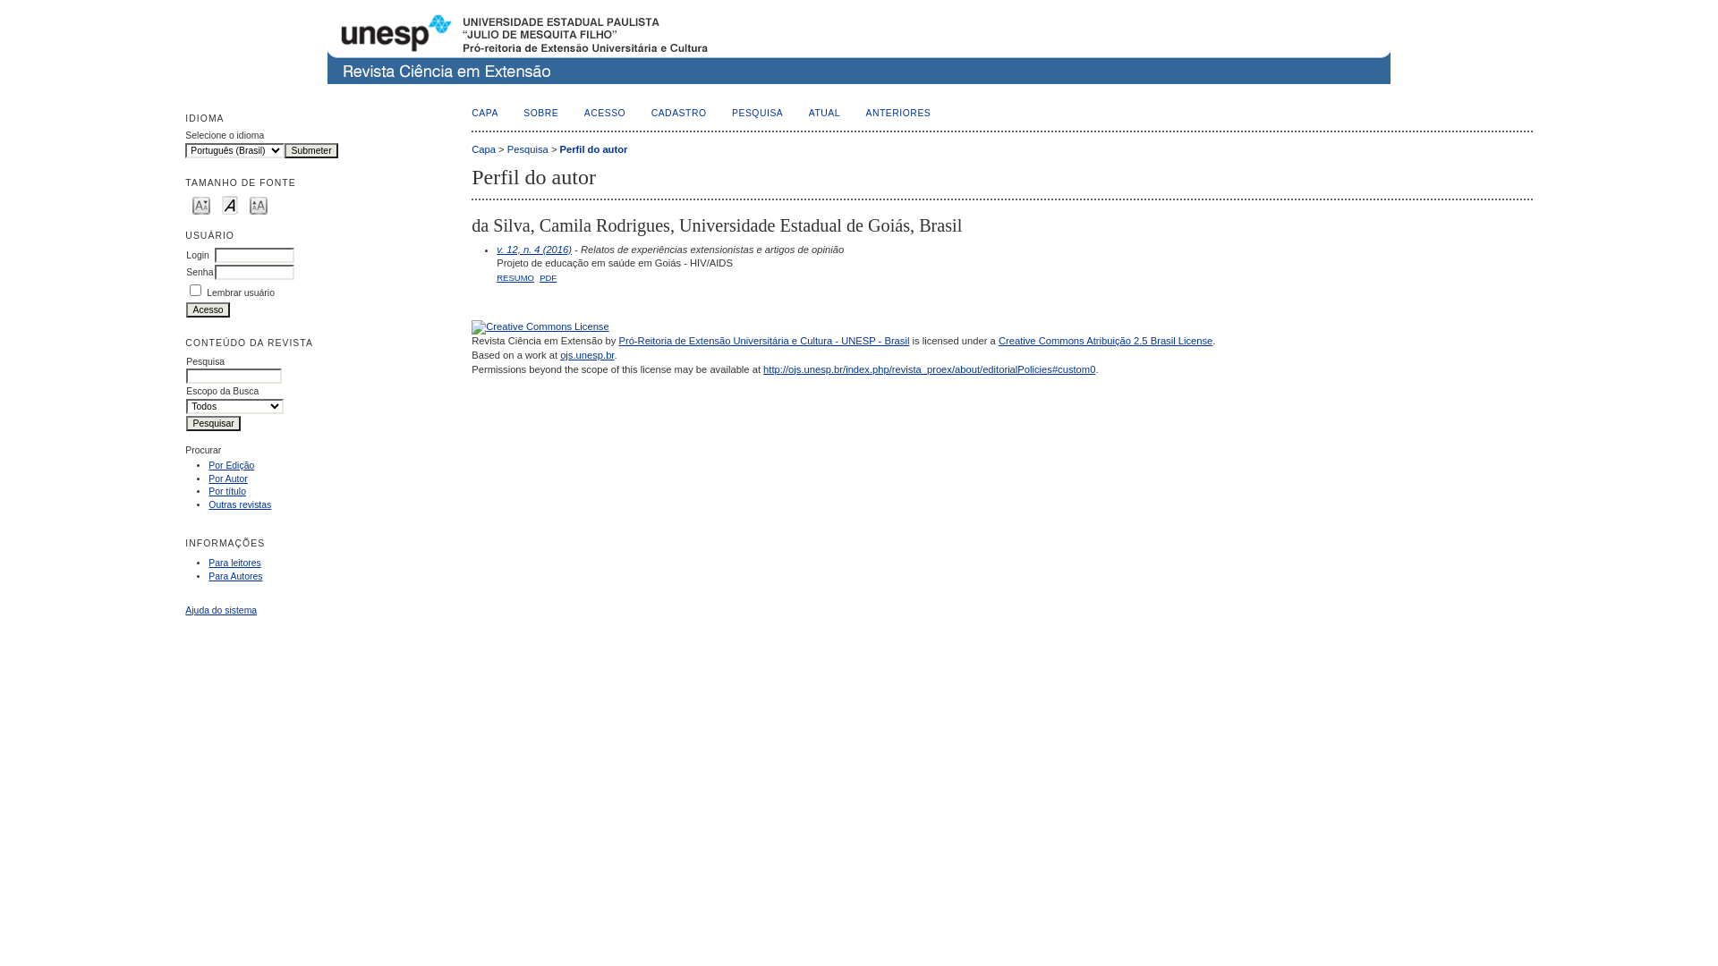  What do you see at coordinates (583, 113) in the screenshot?
I see `'ACESSO'` at bounding box center [583, 113].